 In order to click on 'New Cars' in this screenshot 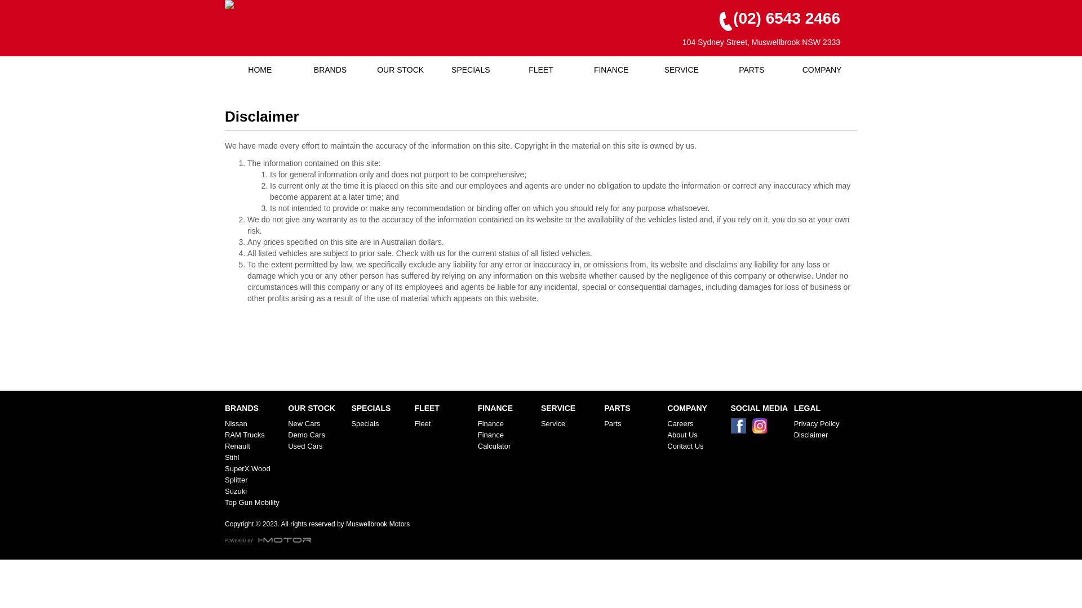, I will do `click(316, 423)`.